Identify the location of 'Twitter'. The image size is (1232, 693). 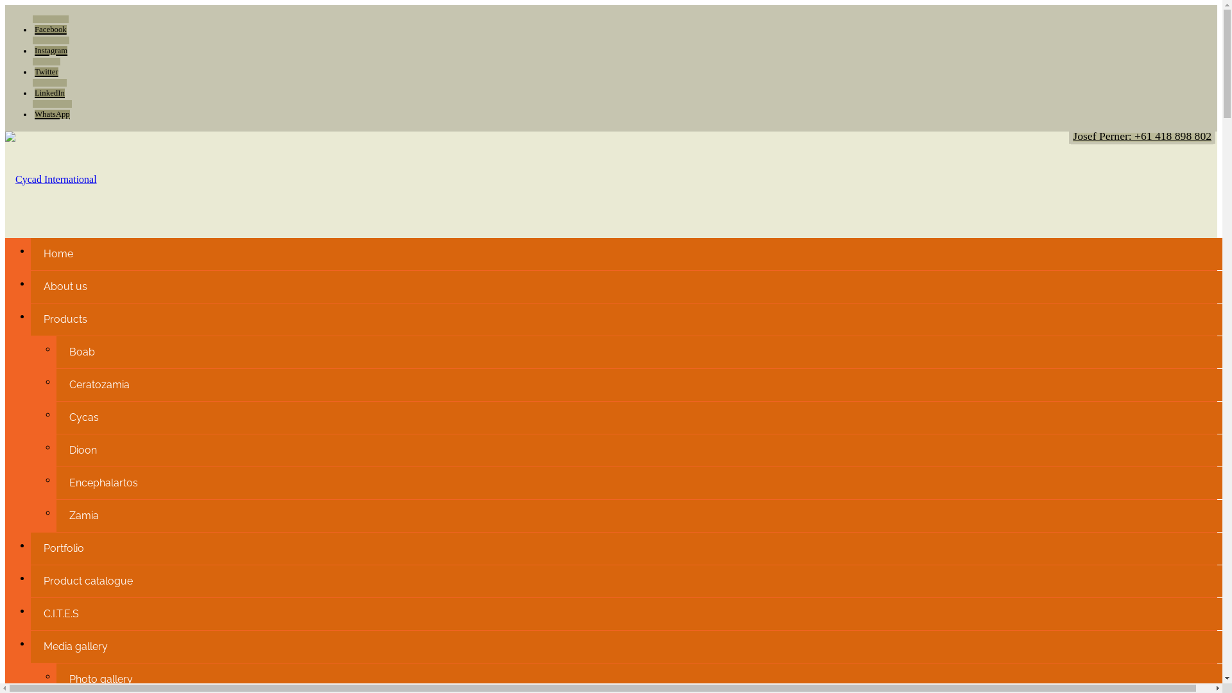
(46, 67).